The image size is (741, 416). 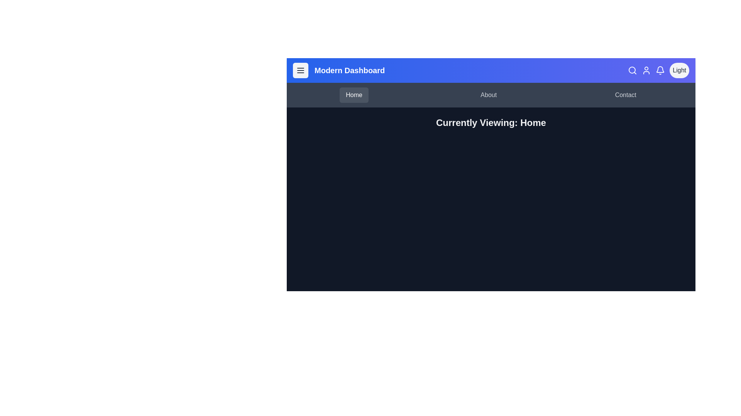 What do you see at coordinates (646, 70) in the screenshot?
I see `the user icon to open the user profile` at bounding box center [646, 70].